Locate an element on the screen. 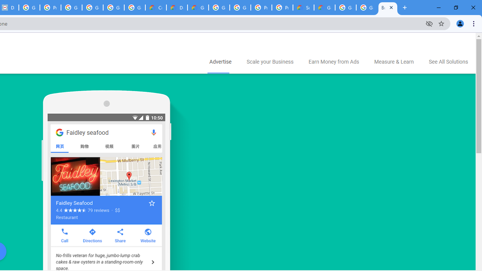 The width and height of the screenshot is (482, 271). 'Scale your Business' is located at coordinates (270, 62).